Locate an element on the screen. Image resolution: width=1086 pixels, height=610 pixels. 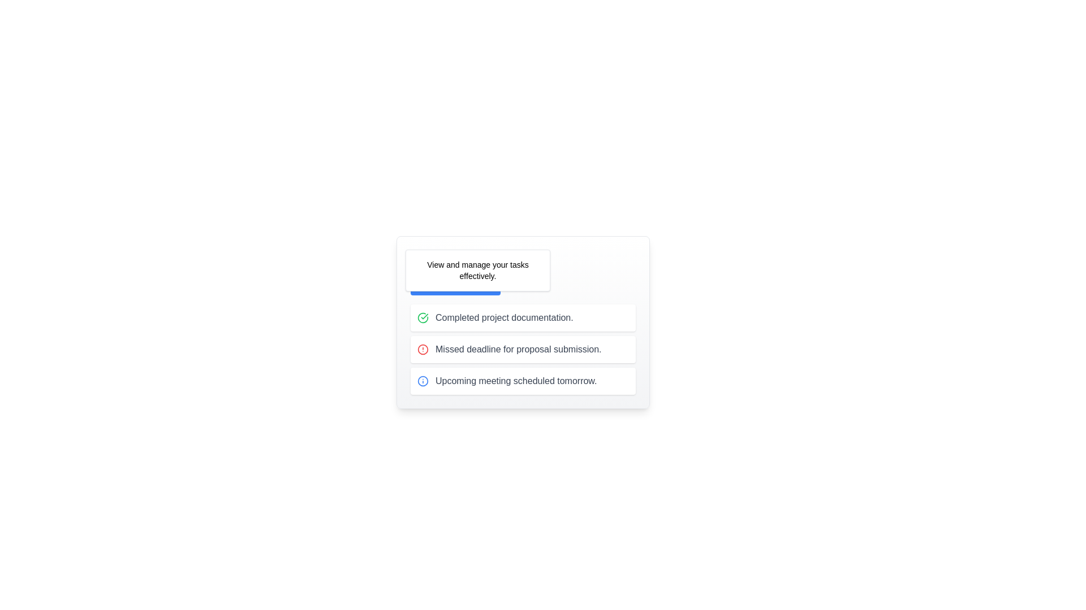
the informational icon located to the left of the text 'Upcoming meeting scheduled tomorrow.' in the third row of the task management card is located at coordinates (423, 381).